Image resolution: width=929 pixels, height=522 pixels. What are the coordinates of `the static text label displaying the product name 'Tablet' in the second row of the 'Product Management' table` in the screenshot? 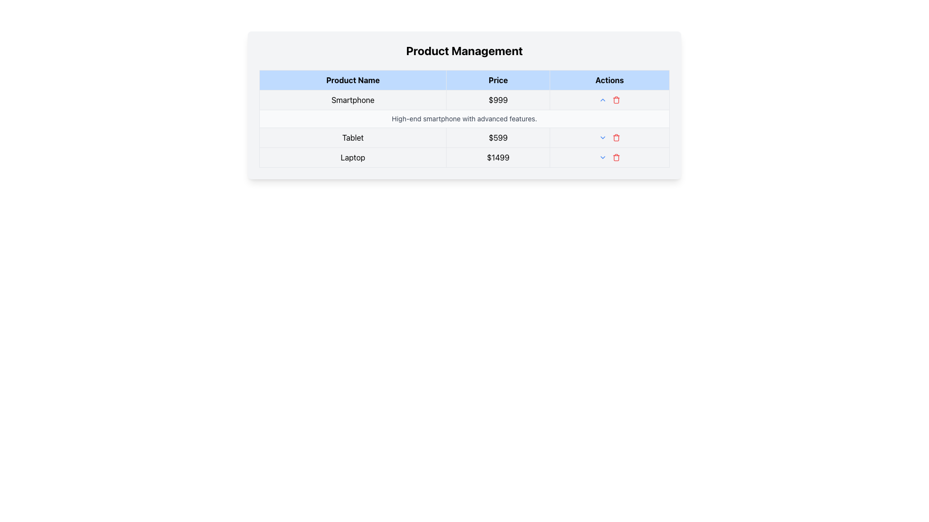 It's located at (352, 138).